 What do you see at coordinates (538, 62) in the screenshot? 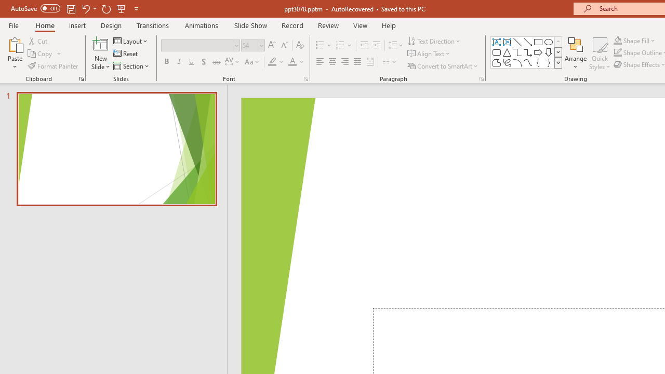
I see `'Left Brace'` at bounding box center [538, 62].